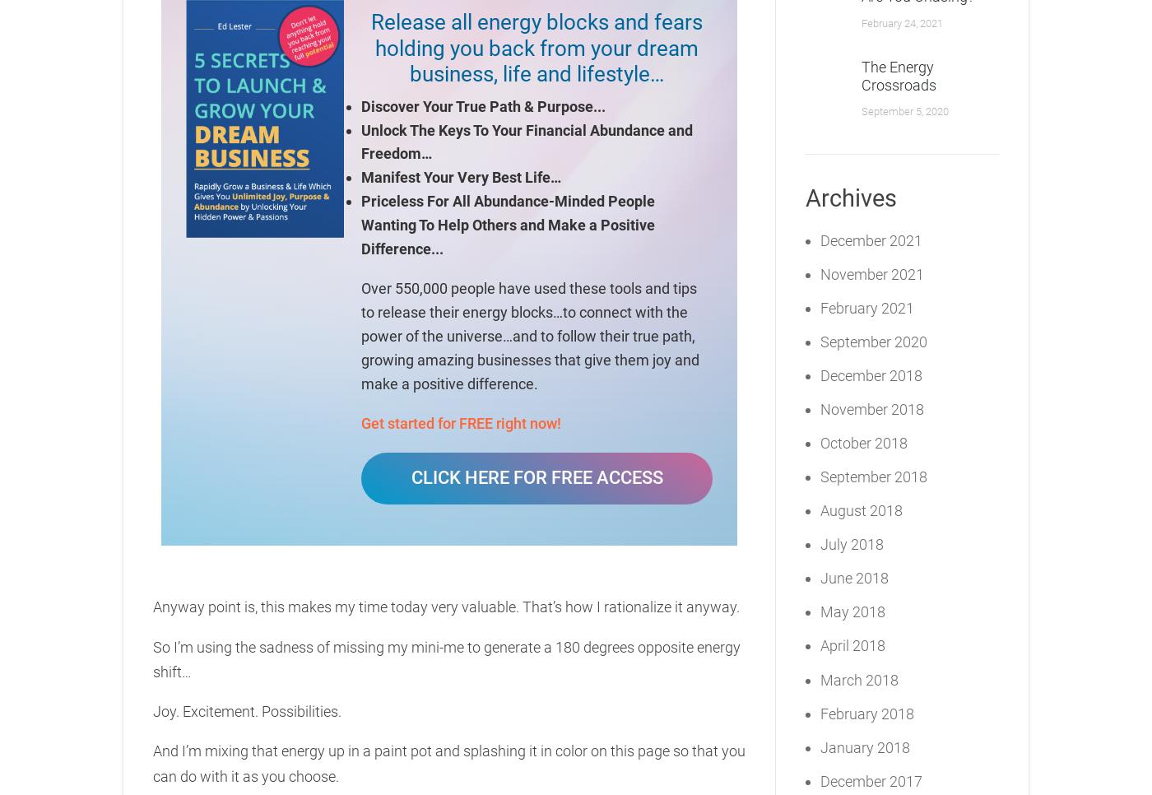  I want to click on 'January 2018', so click(865, 746).